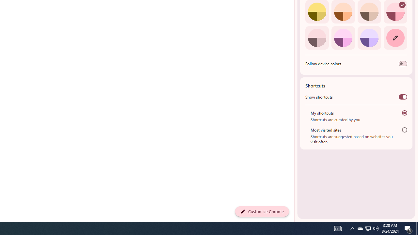 The width and height of the screenshot is (418, 235). Describe the element at coordinates (402, 5) in the screenshot. I see `'AutomationID: svg'` at that location.